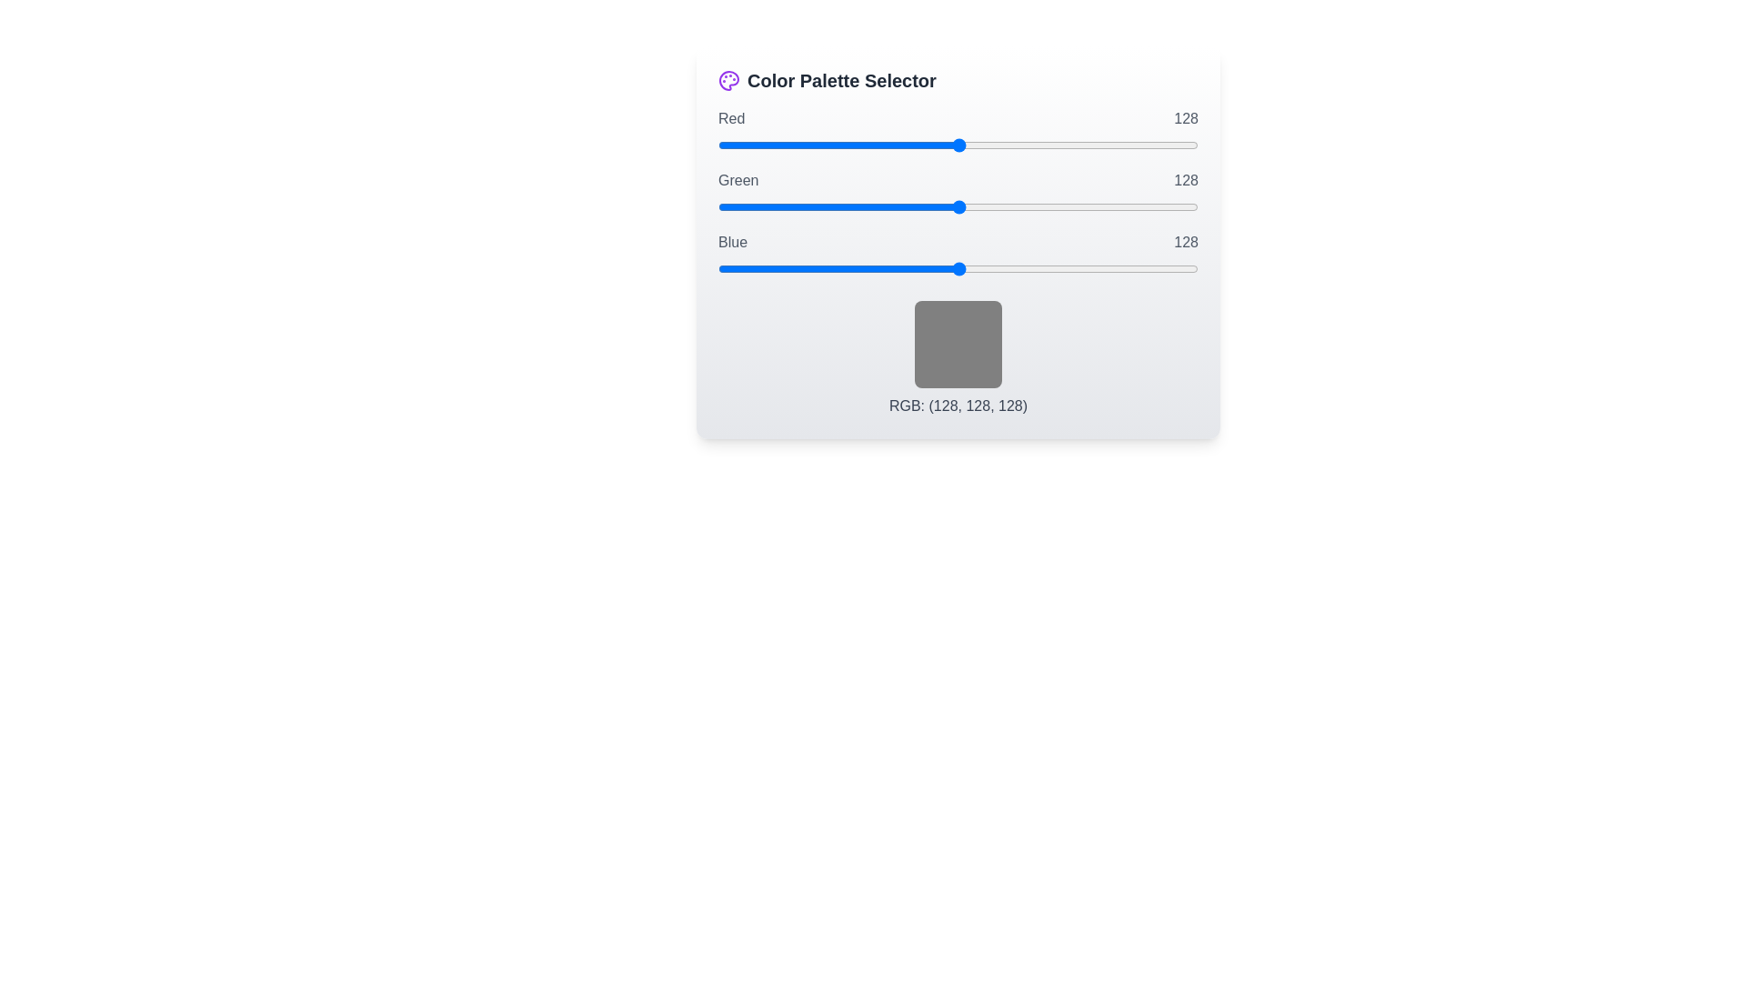 The image size is (1746, 982). Describe the element at coordinates (754, 144) in the screenshot. I see `the red slider to set its value to 19` at that location.